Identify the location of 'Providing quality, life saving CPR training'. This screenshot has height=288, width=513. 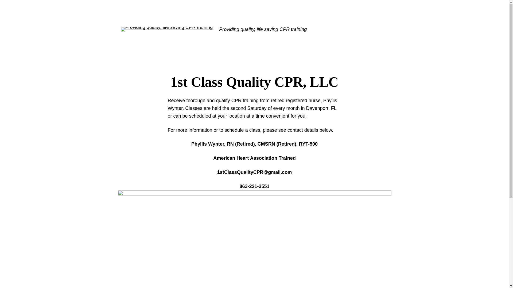
(263, 29).